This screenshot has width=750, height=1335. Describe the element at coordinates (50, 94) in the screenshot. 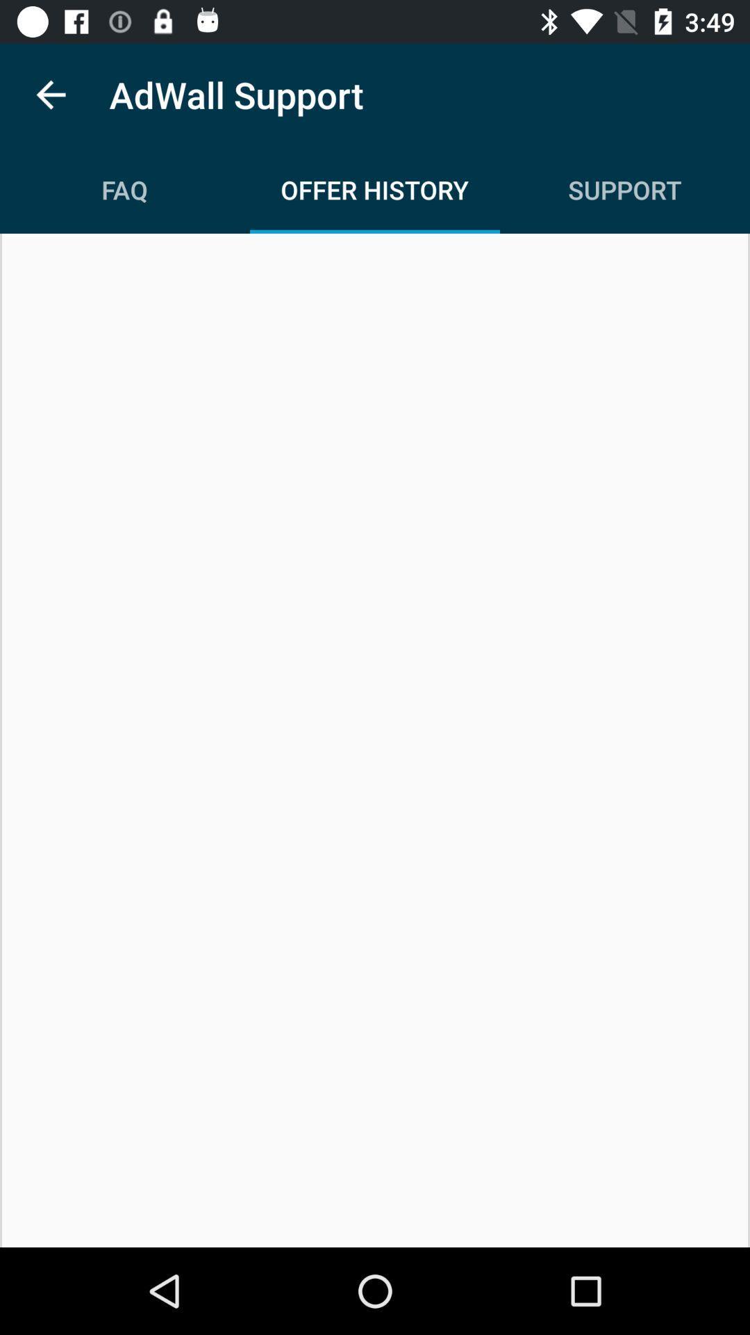

I see `icon to the left of adwall support icon` at that location.